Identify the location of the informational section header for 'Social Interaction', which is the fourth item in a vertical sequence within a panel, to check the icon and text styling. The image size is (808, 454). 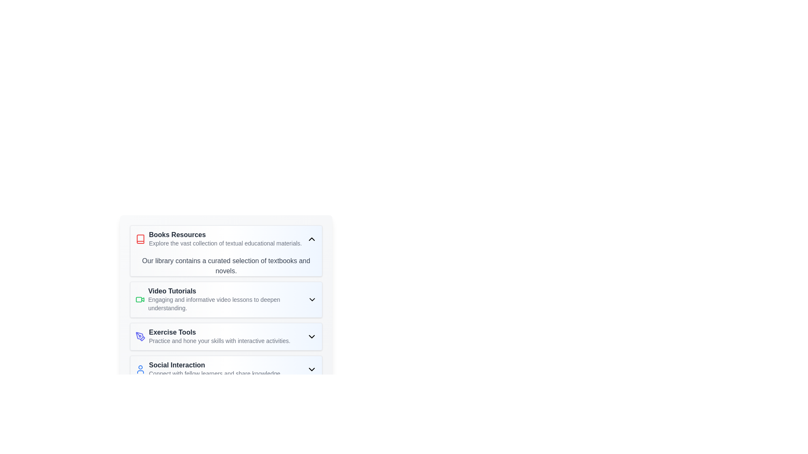
(208, 369).